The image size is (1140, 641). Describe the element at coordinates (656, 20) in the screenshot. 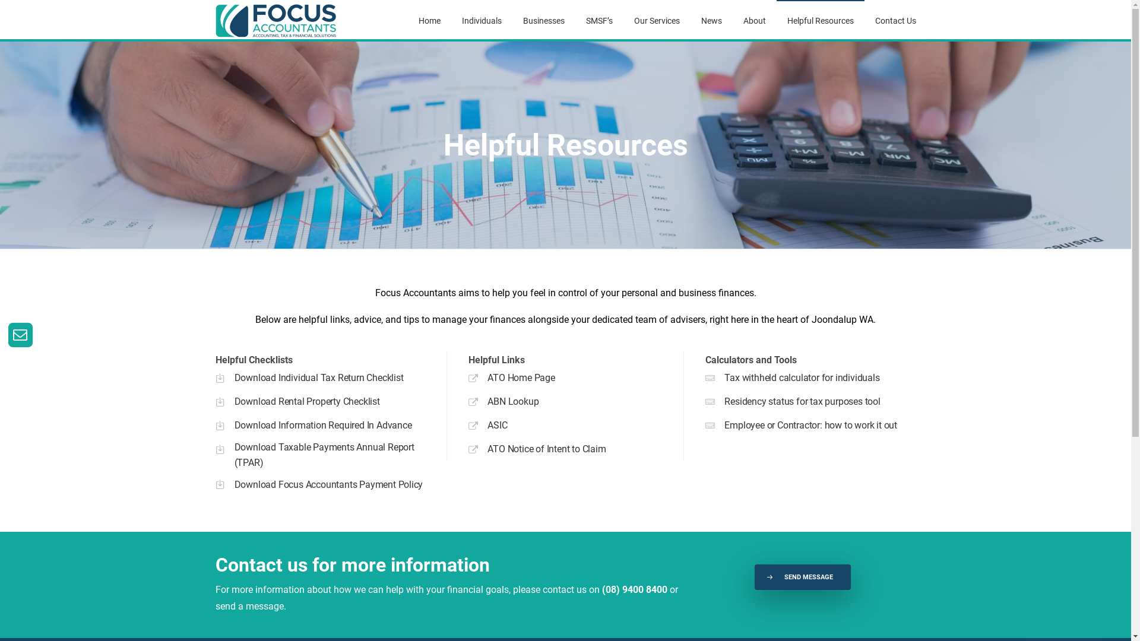

I see `'Our Services'` at that location.